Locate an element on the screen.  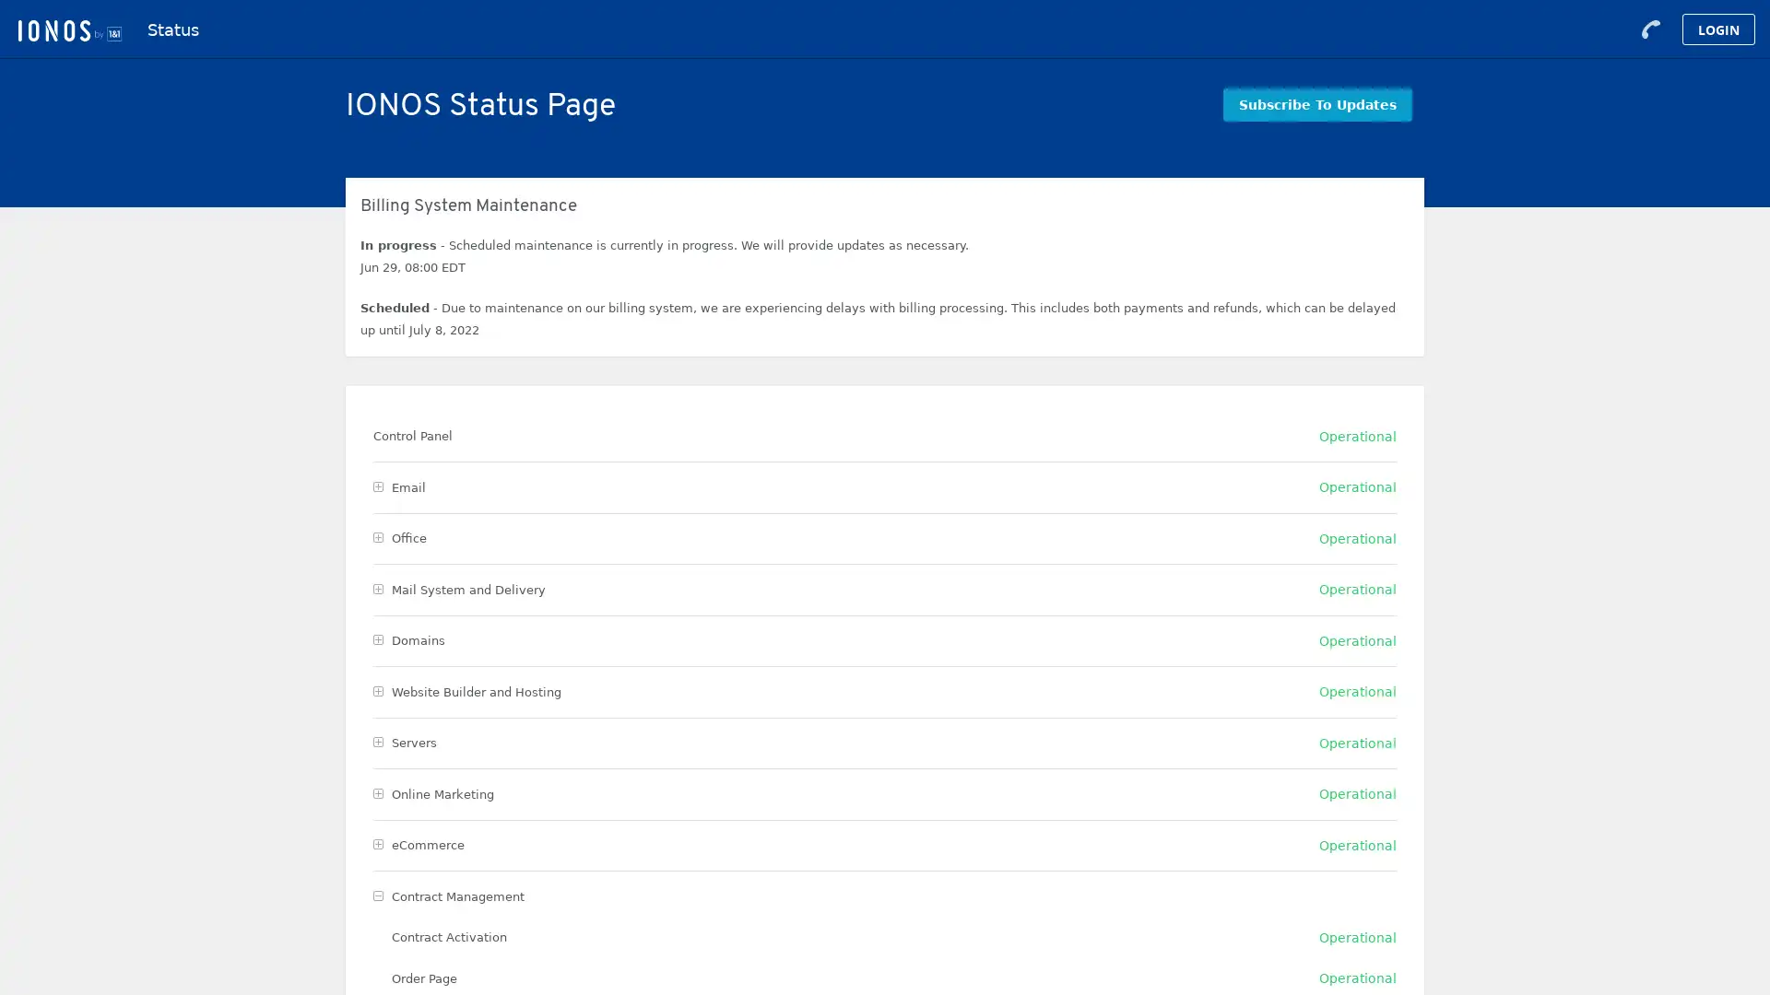
Toggle Servers is located at coordinates (377, 742).